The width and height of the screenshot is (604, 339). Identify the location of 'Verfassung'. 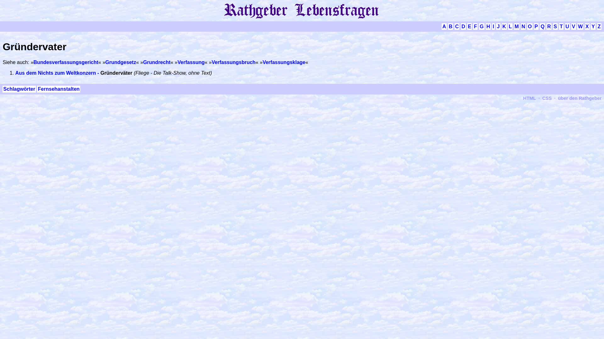
(190, 62).